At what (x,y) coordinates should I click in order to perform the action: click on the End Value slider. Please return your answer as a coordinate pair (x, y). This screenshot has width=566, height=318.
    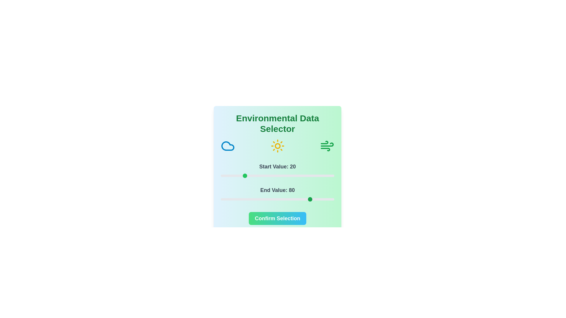
    Looking at the image, I should click on (287, 199).